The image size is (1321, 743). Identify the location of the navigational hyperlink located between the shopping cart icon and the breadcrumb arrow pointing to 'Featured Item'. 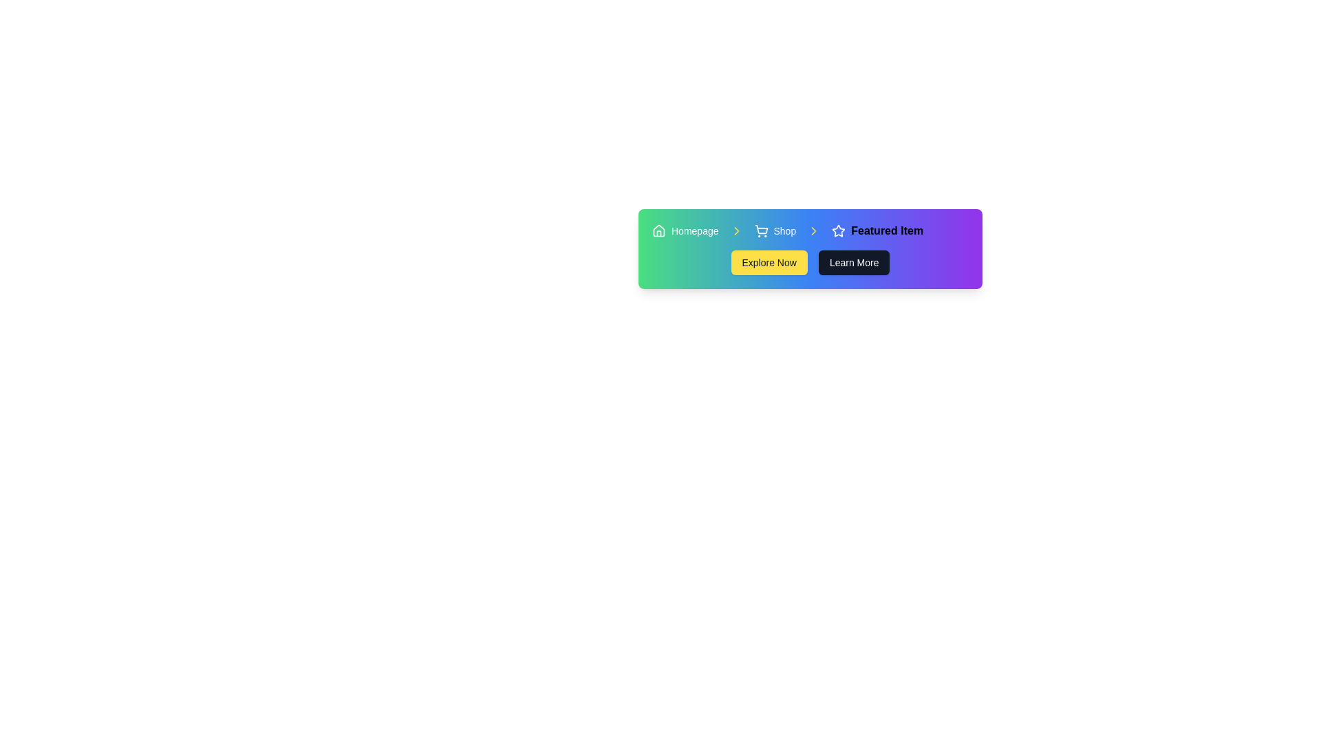
(784, 230).